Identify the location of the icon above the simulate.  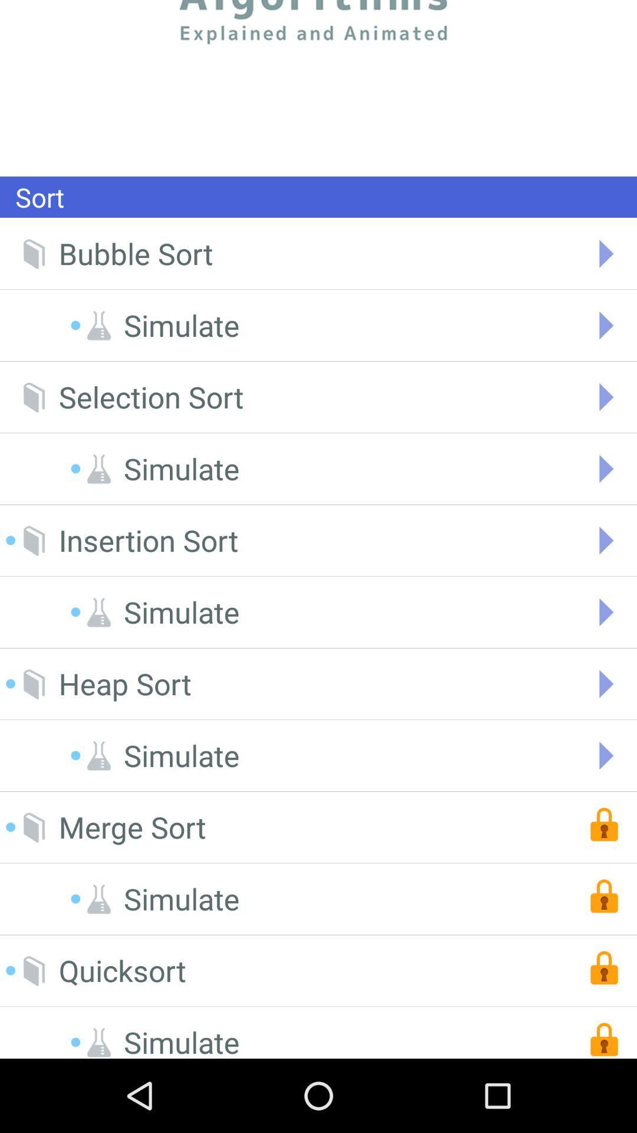
(150, 397).